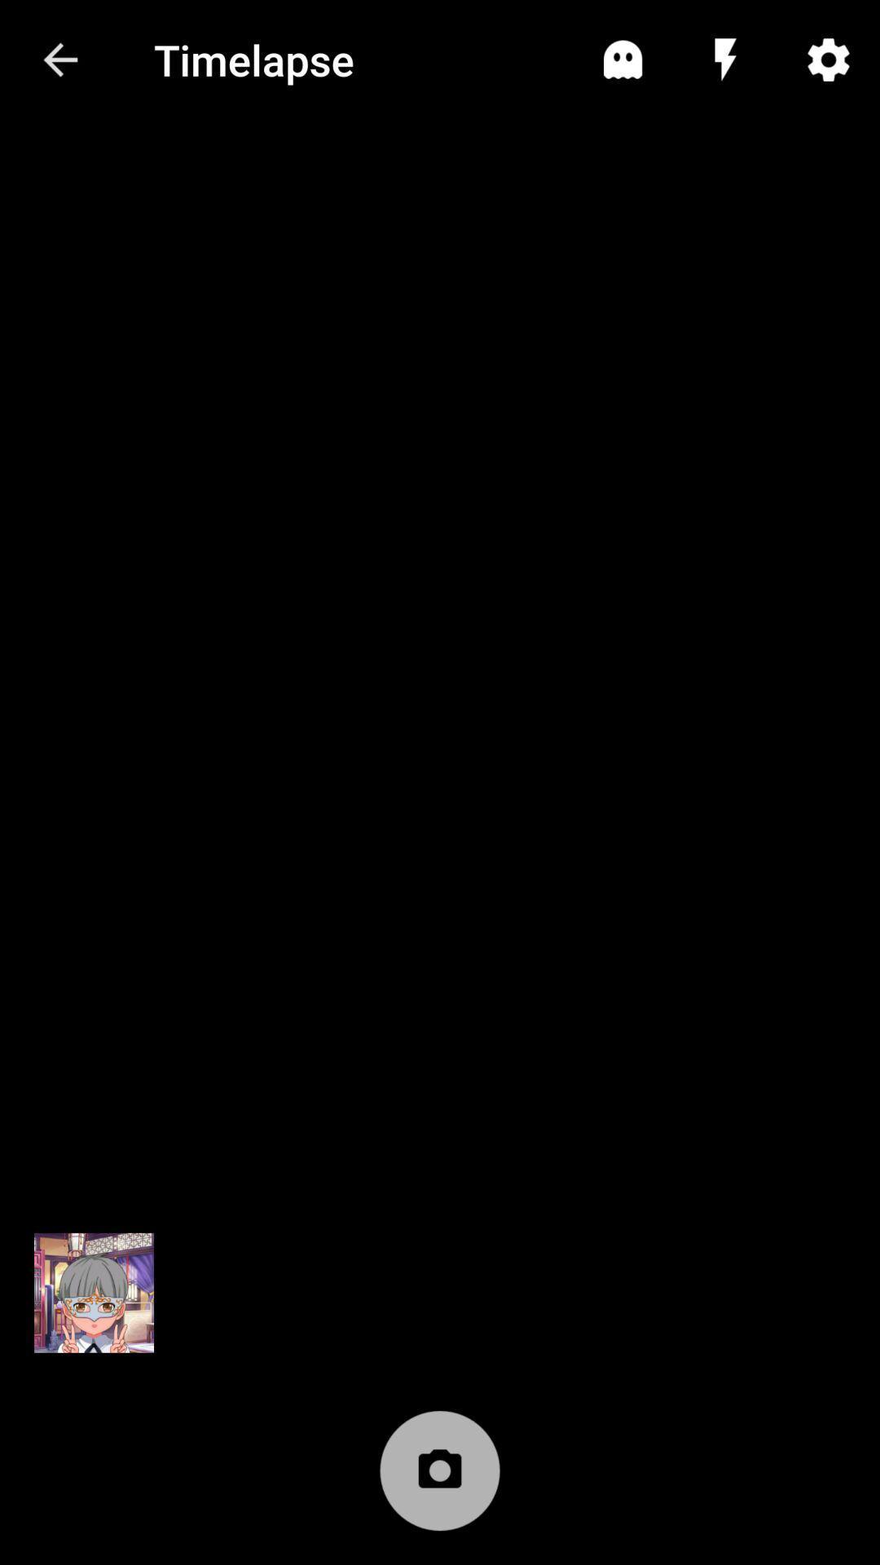 The height and width of the screenshot is (1565, 880). Describe the element at coordinates (440, 1479) in the screenshot. I see `camera` at that location.